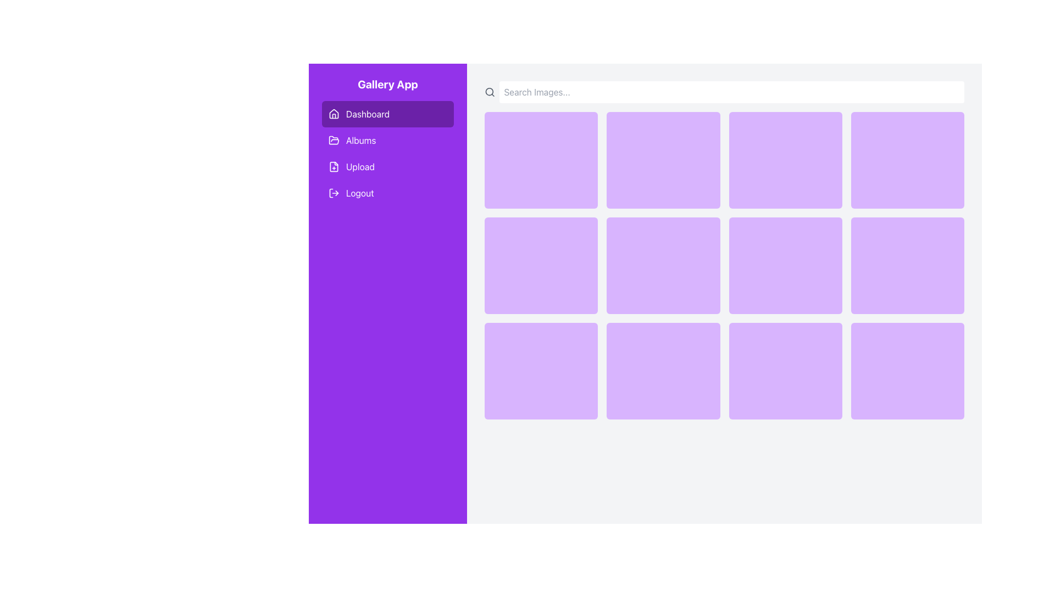 The width and height of the screenshot is (1055, 593). I want to click on the upload button located in the left sidebar, which is the third button in a vertical list, situated between the 'Albums' and 'Logout' buttons, so click(387, 167).